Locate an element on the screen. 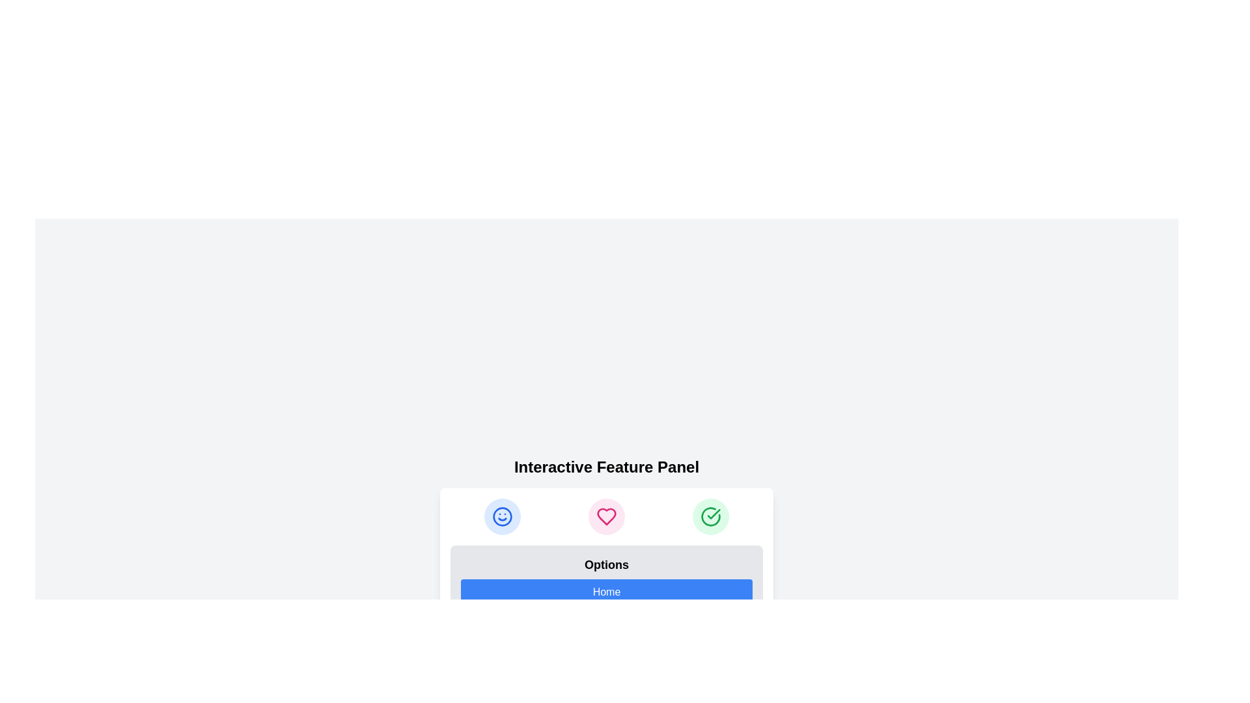 This screenshot has width=1250, height=703. the 'Home' button located within the 'Options' panel of the 'Interactive Feature Panel' is located at coordinates (605, 592).